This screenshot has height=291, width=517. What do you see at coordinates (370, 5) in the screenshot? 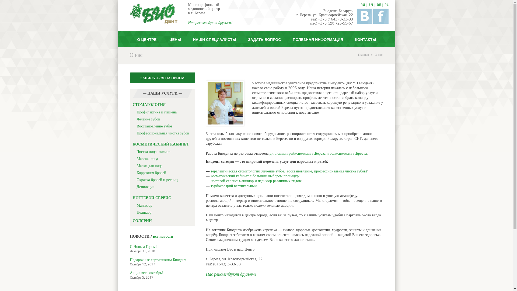
I see `'EN'` at bounding box center [370, 5].